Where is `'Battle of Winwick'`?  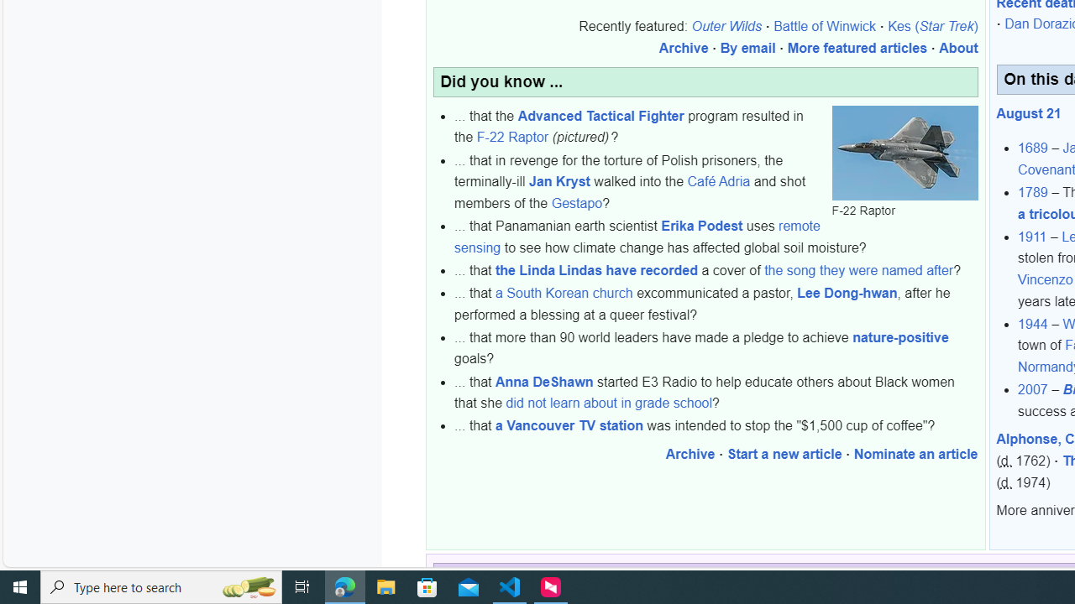
'Battle of Winwick' is located at coordinates (825, 27).